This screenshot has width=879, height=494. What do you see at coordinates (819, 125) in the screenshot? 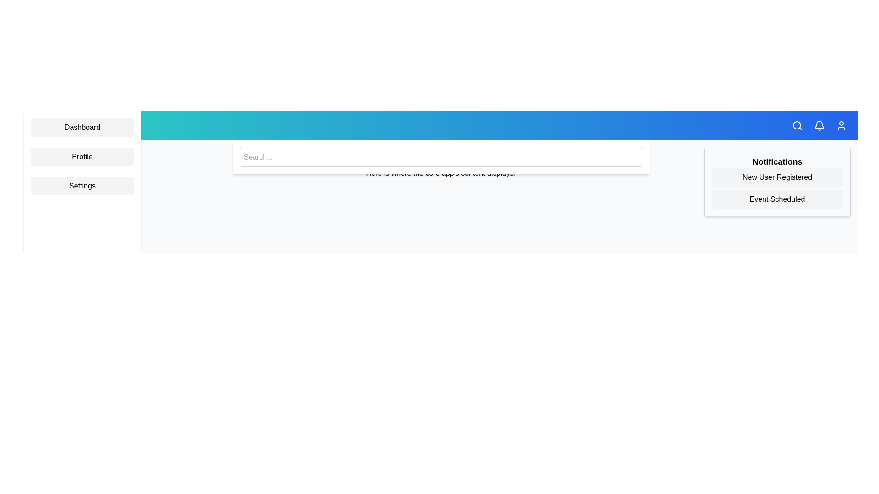
I see `the bell-shaped notification icon, which is white on a gradient blue background, located in the top-right corner between the magnifying glass icon and the user silhouette icon` at bounding box center [819, 125].